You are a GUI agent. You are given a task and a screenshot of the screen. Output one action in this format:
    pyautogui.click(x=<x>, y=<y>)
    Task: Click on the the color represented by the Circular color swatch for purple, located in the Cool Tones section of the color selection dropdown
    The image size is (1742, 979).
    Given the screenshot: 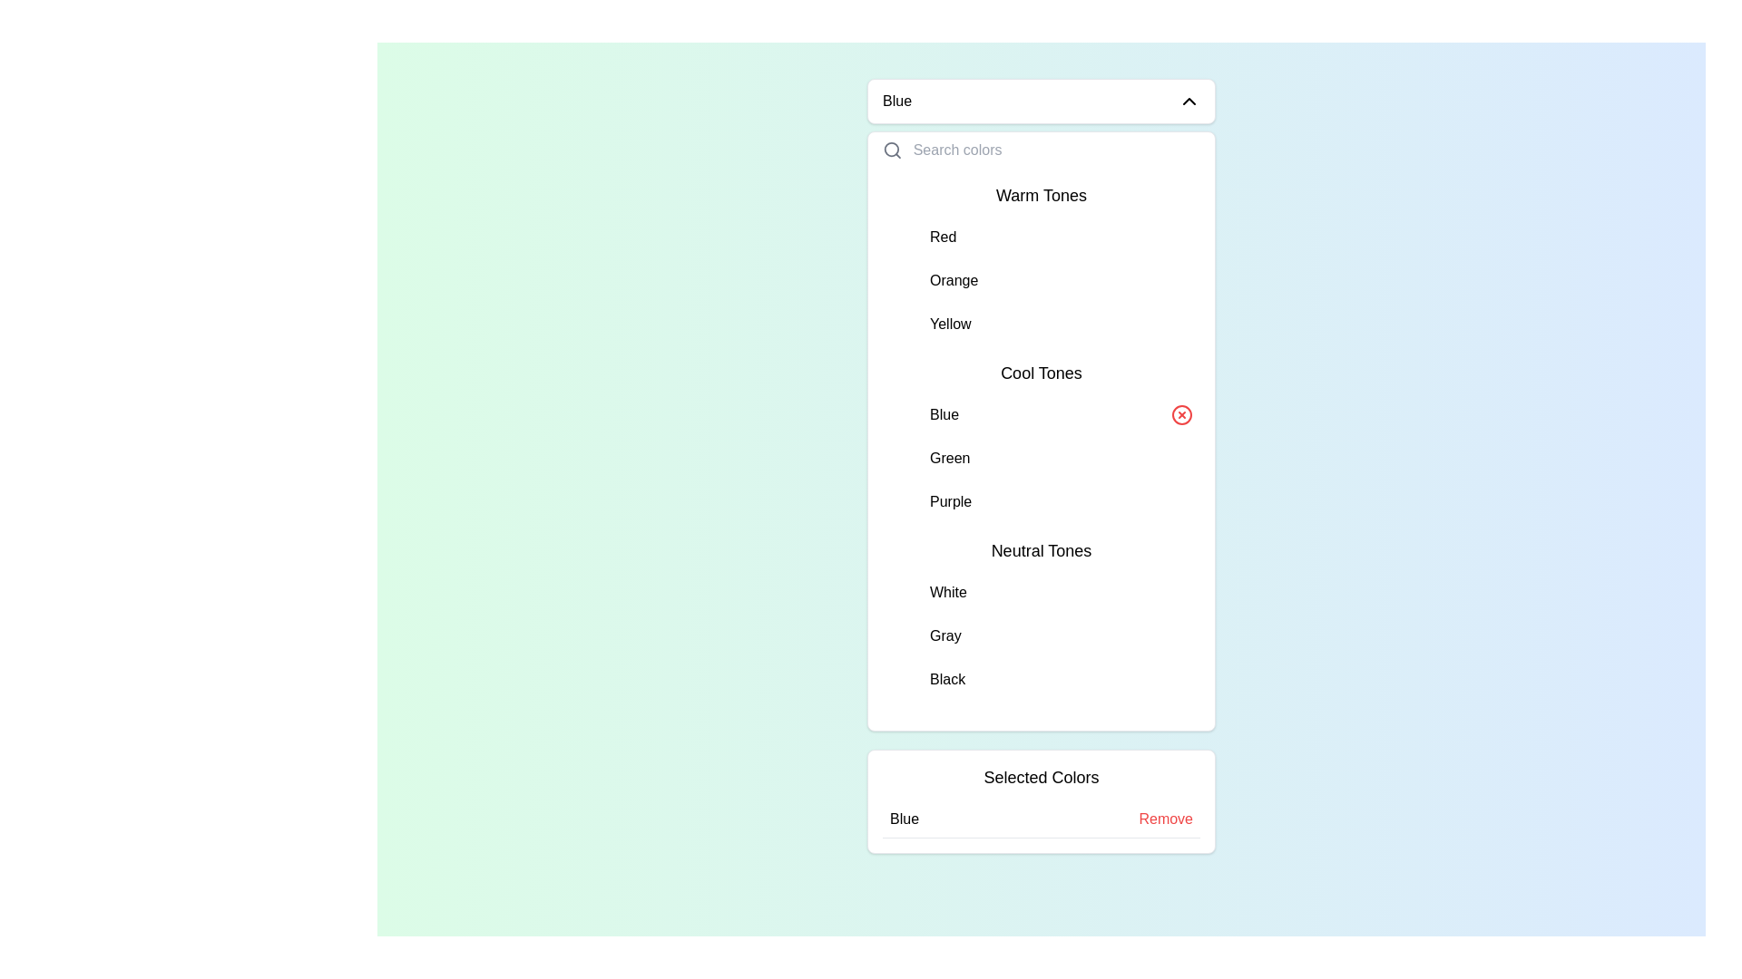 What is the action you would take?
    pyautogui.click(x=905, y=502)
    